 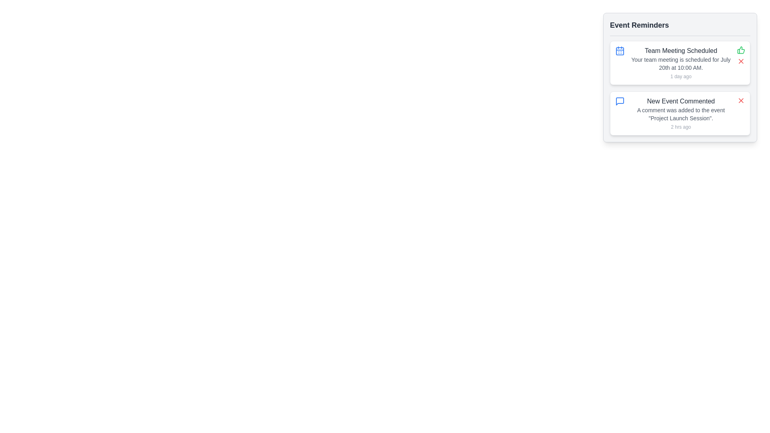 What do you see at coordinates (741, 50) in the screenshot?
I see `the thumbs-up SVG graphic located in the 'Event Reminders' section at the top right corner of the page` at bounding box center [741, 50].